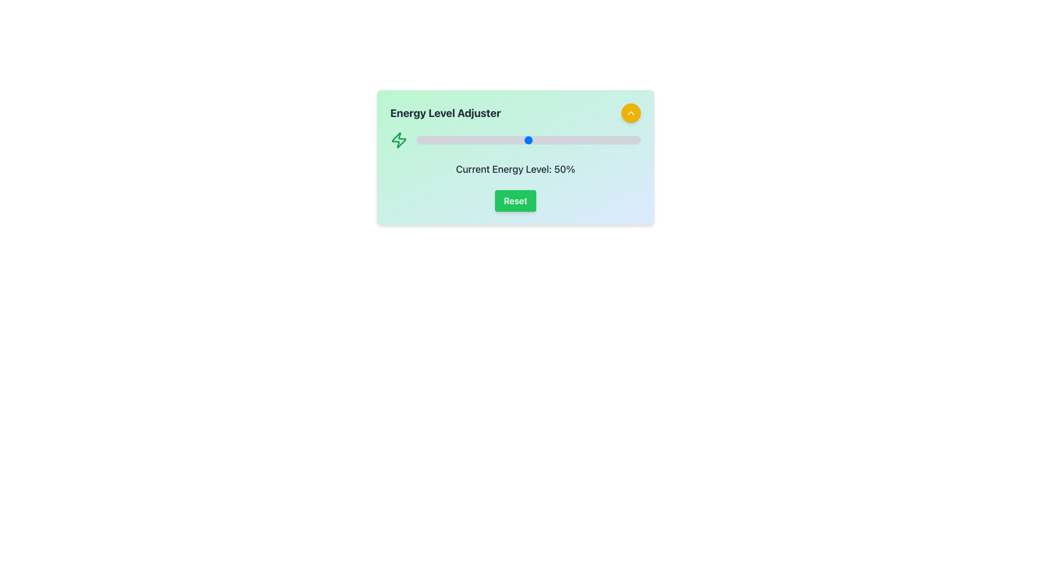  I want to click on the energy level, so click(528, 139).